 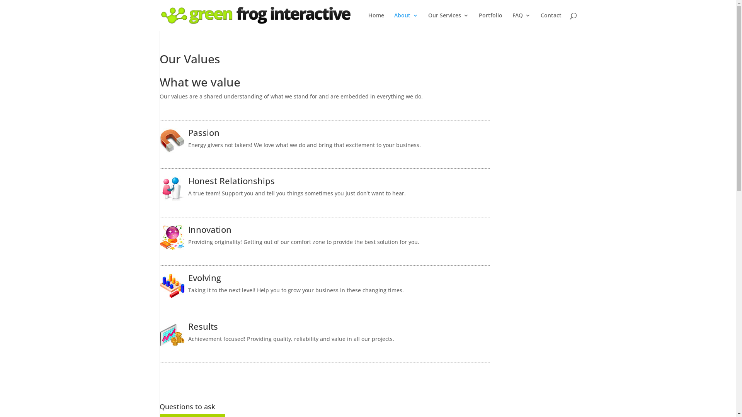 I want to click on 'Our Services', so click(x=428, y=21).